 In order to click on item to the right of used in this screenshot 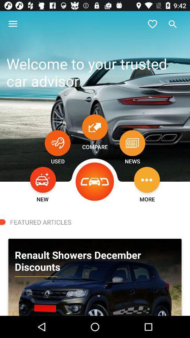, I will do `click(95, 181)`.